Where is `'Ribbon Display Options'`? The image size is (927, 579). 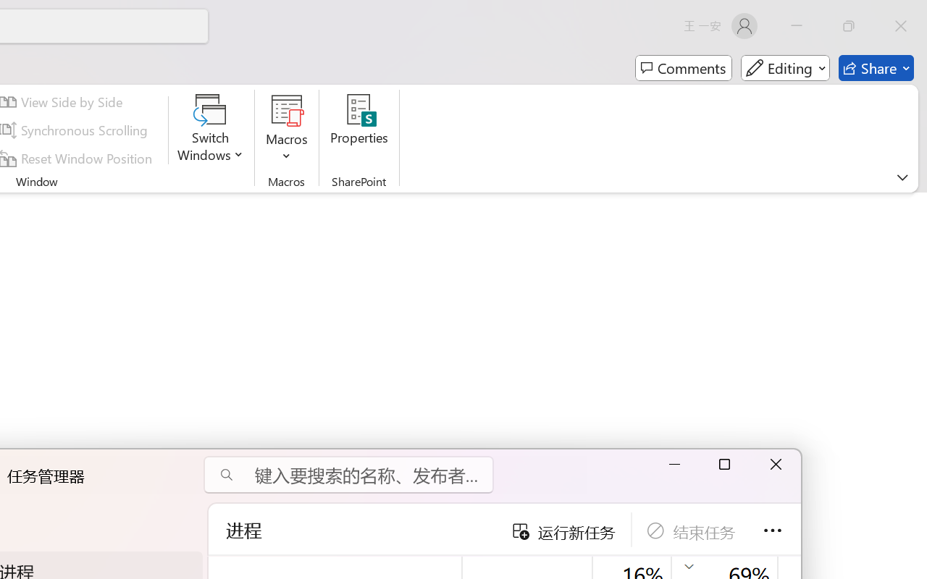
'Ribbon Display Options' is located at coordinates (902, 177).